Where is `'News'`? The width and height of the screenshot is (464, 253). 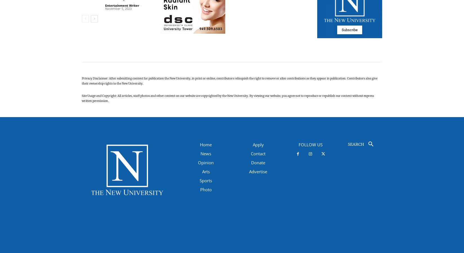
'News' is located at coordinates (205, 153).